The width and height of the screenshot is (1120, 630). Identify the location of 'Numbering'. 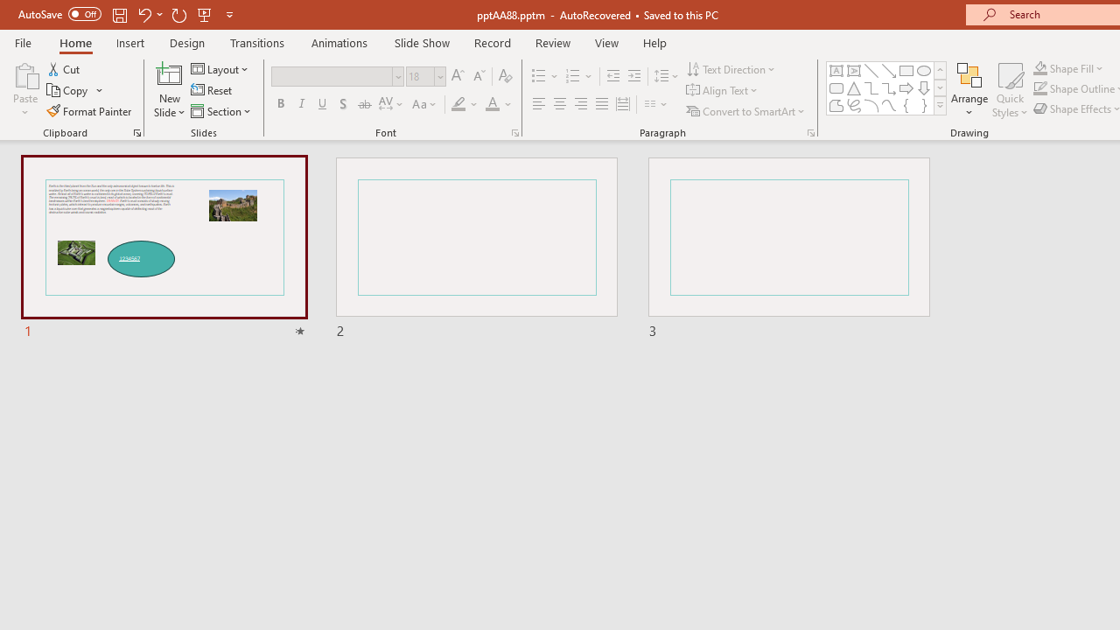
(572, 75).